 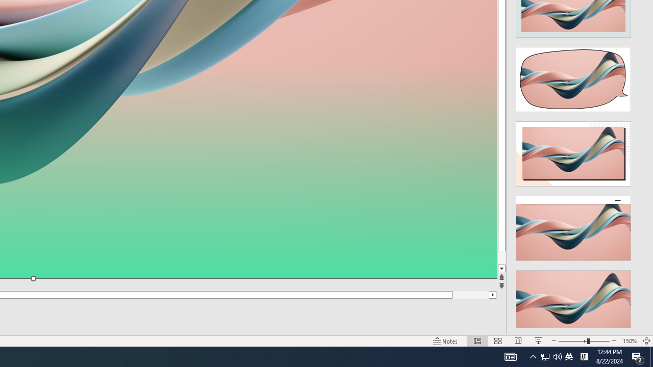 What do you see at coordinates (638, 356) in the screenshot?
I see `'Action Center, 2 new notifications'` at bounding box center [638, 356].